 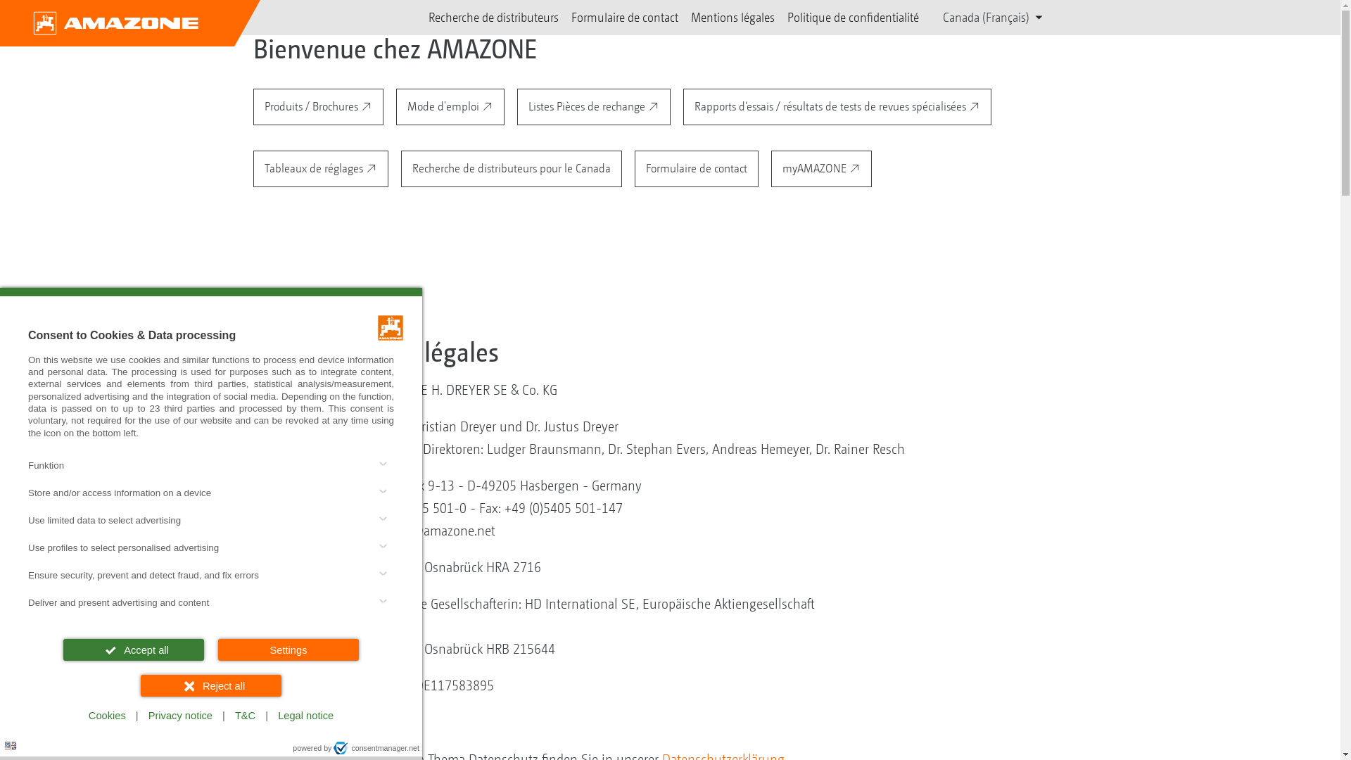 I want to click on 'consentmanager.net', so click(x=376, y=747).